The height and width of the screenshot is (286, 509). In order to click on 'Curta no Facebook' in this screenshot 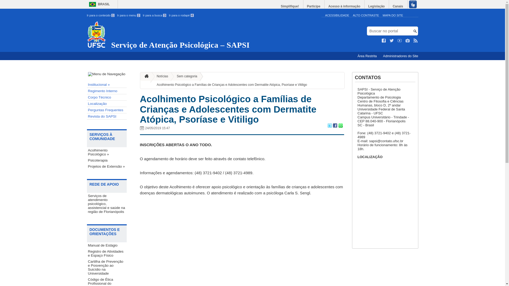, I will do `click(382, 41)`.